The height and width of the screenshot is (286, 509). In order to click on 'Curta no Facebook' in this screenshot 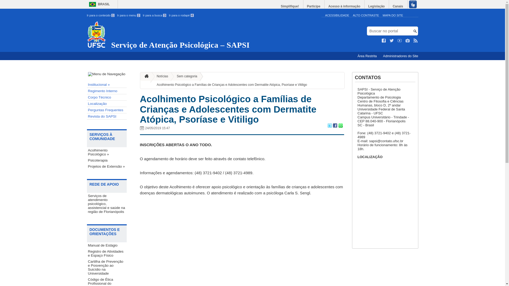, I will do `click(382, 41)`.